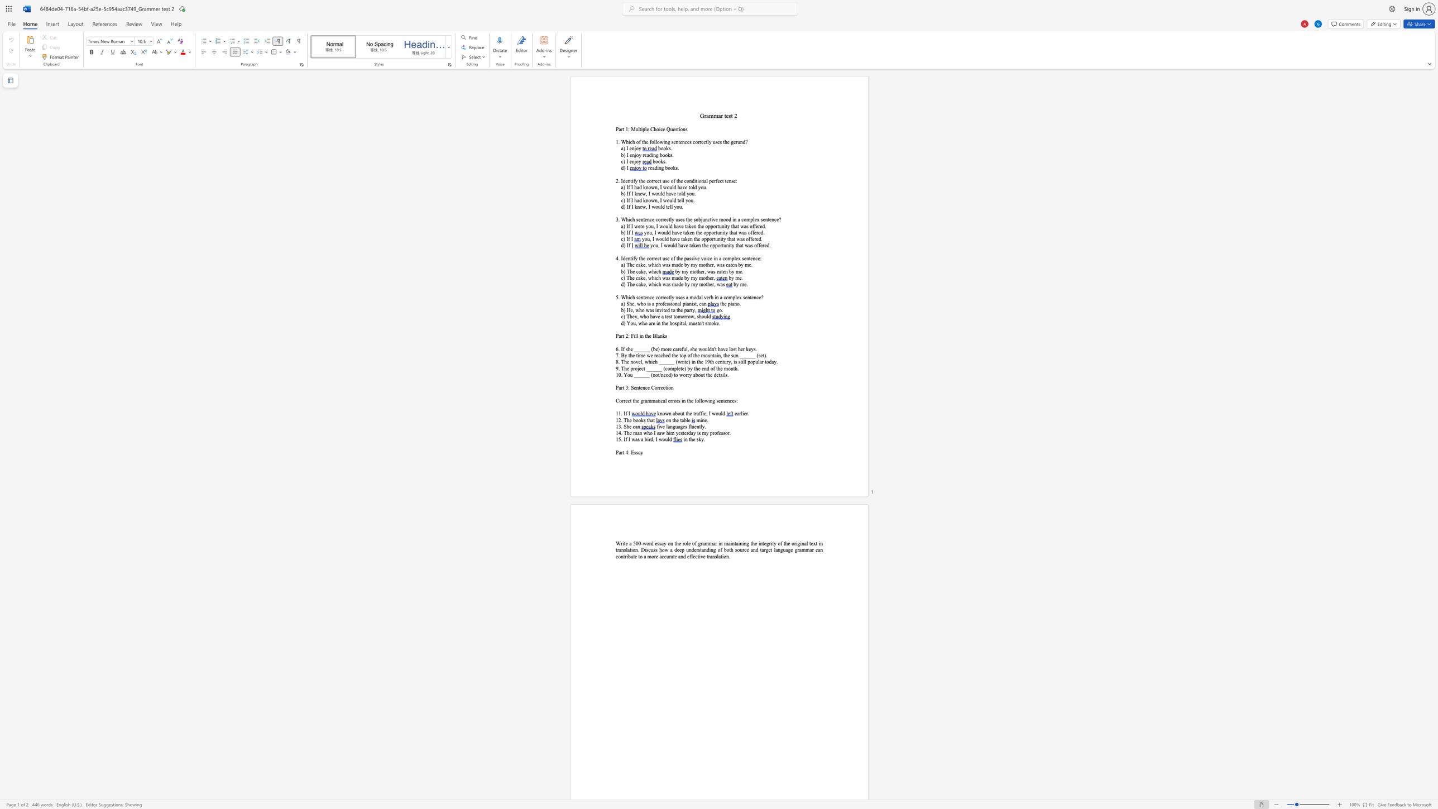 The image size is (1438, 809). Describe the element at coordinates (739, 303) in the screenshot. I see `the space between the continuous character "o" and "." in the text` at that location.